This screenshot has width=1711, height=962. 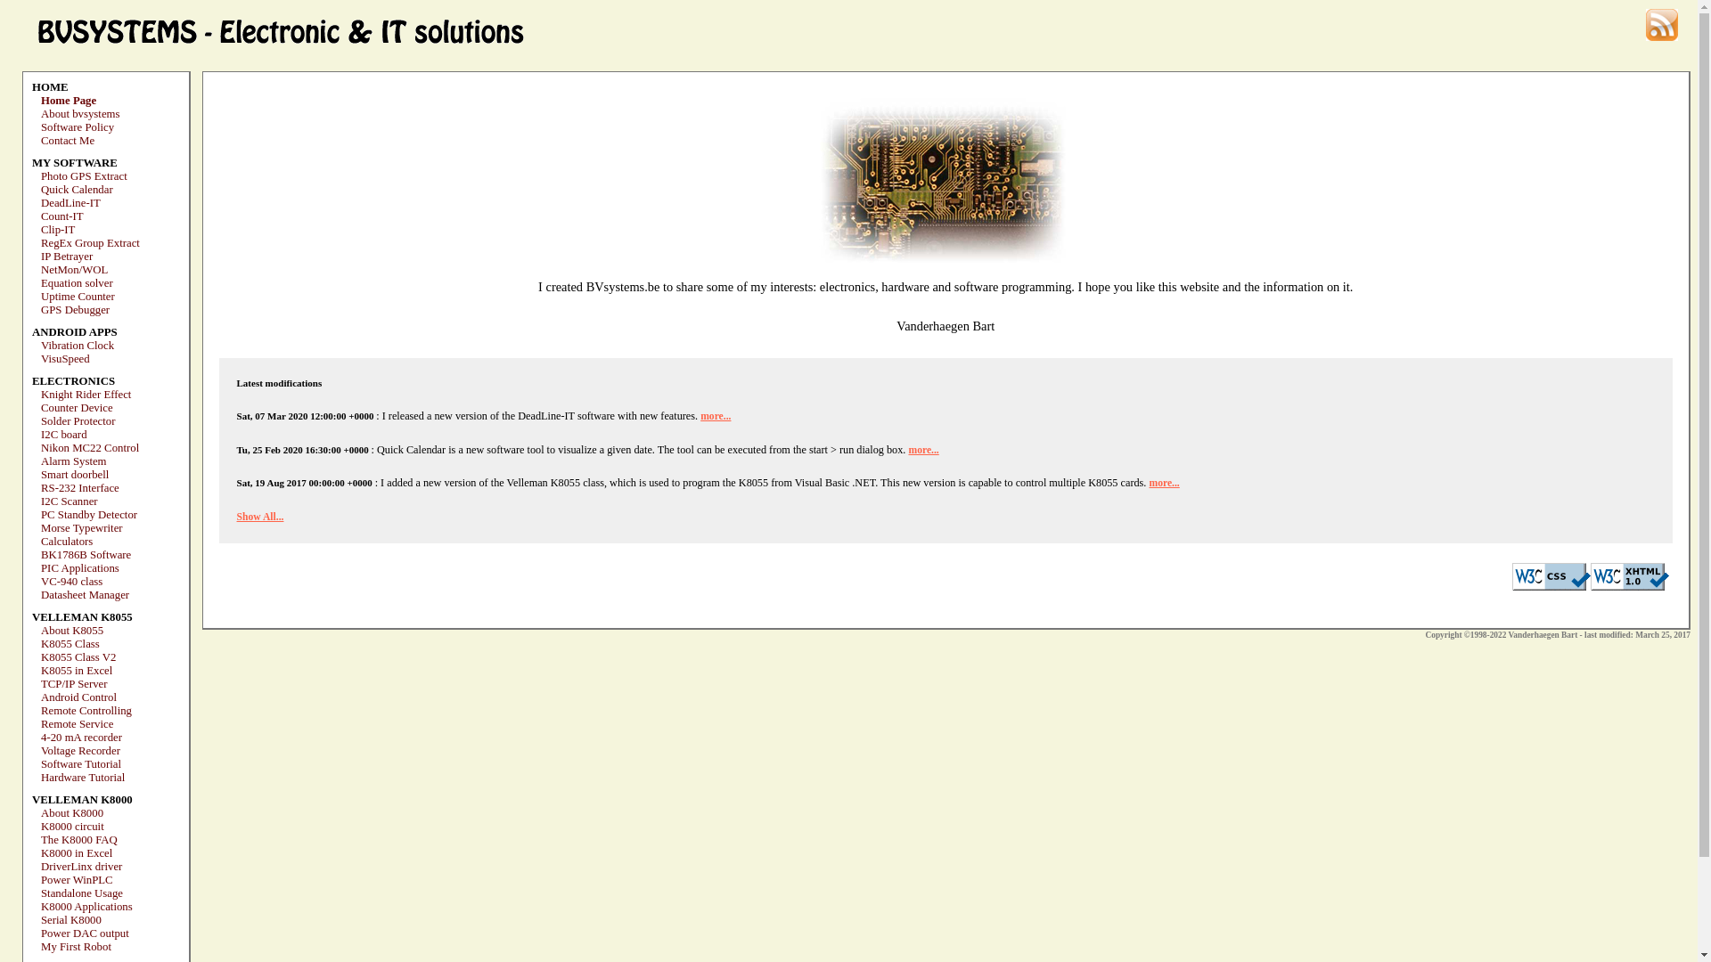 I want to click on 'Solder Protector', so click(x=77, y=421).